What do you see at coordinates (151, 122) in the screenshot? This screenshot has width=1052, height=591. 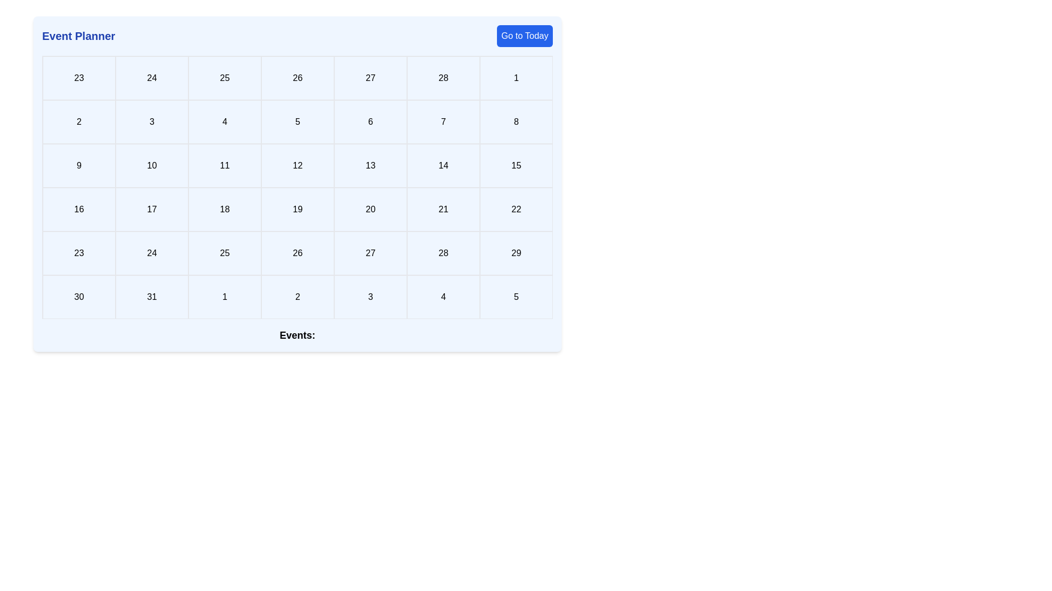 I see `the grid cell located in the second row and third column, which is between the cells containing '2' on the left and '4' on the right` at bounding box center [151, 122].